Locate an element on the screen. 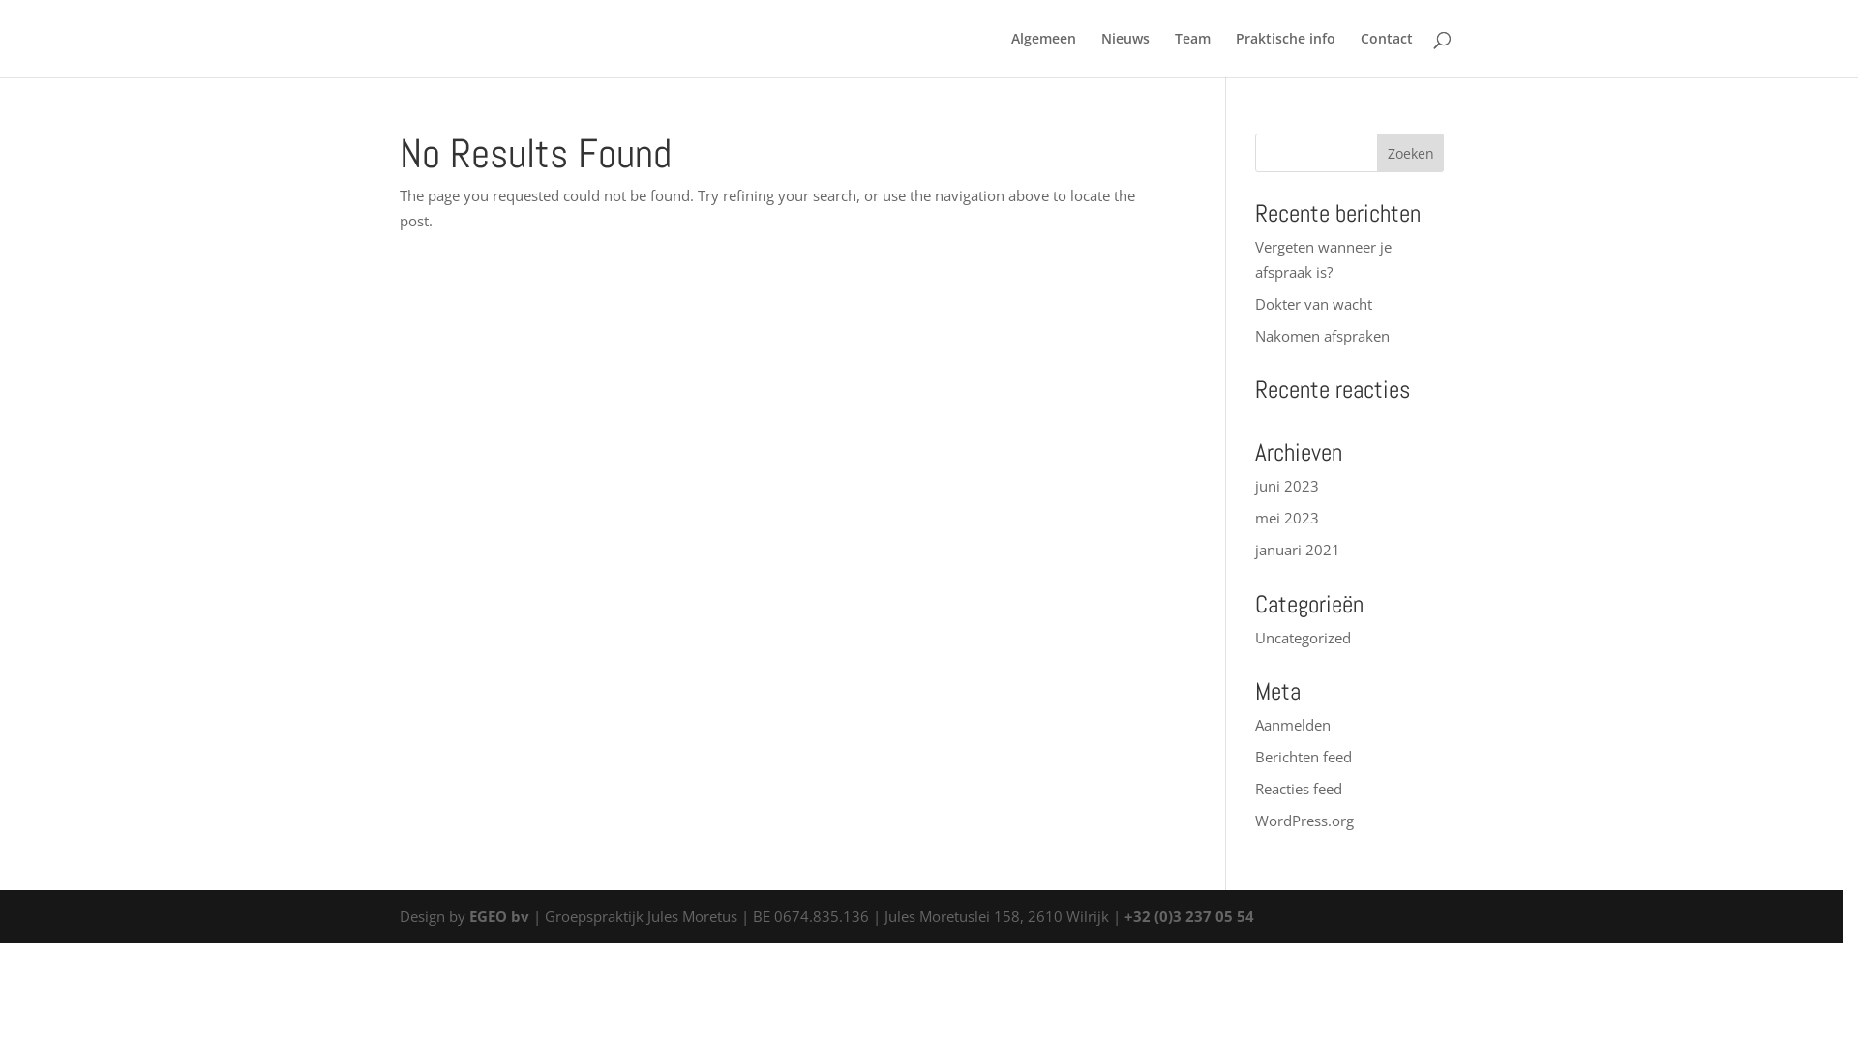 The image size is (1858, 1045). 'januari 2021' is located at coordinates (1254, 549).